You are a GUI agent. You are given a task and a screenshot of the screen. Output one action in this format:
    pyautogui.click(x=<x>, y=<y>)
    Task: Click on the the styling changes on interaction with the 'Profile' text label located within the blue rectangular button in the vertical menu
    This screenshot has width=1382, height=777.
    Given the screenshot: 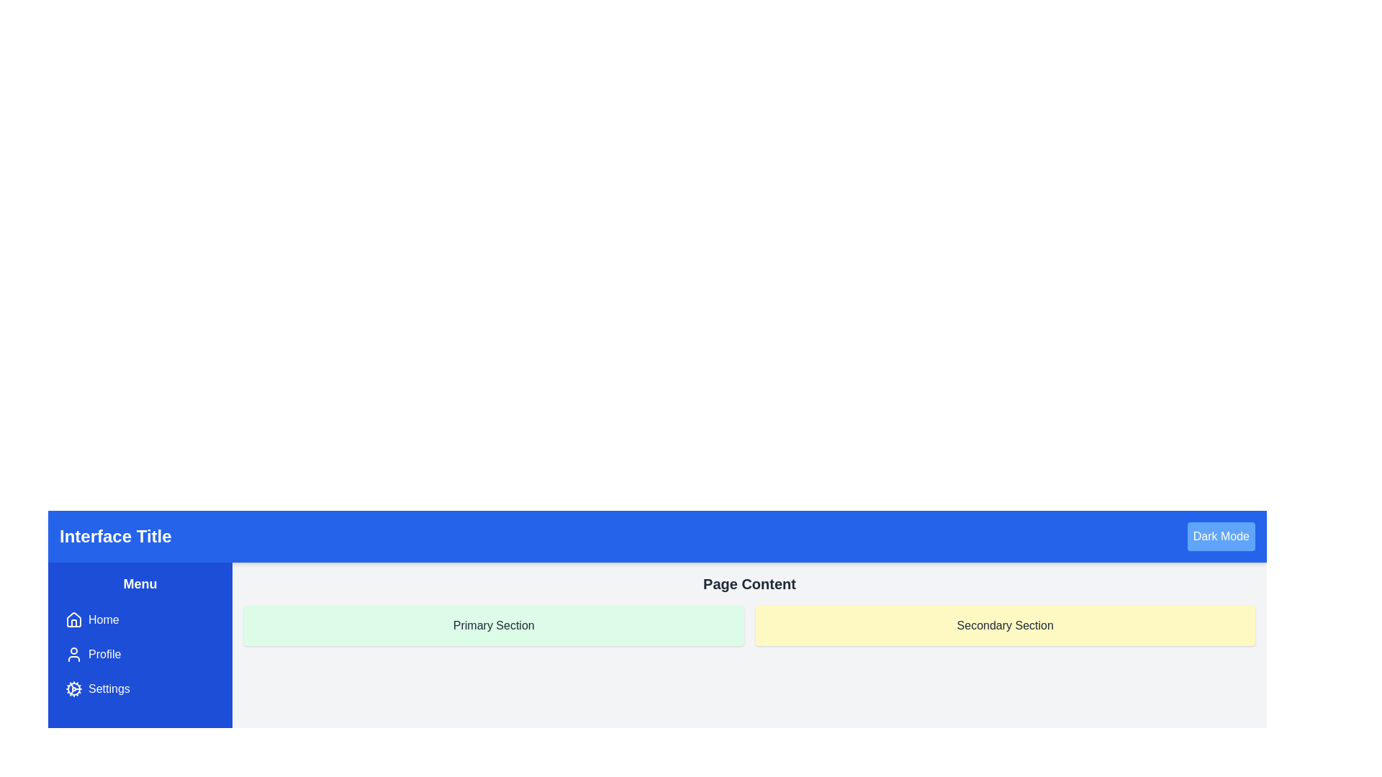 What is the action you would take?
    pyautogui.click(x=104, y=655)
    